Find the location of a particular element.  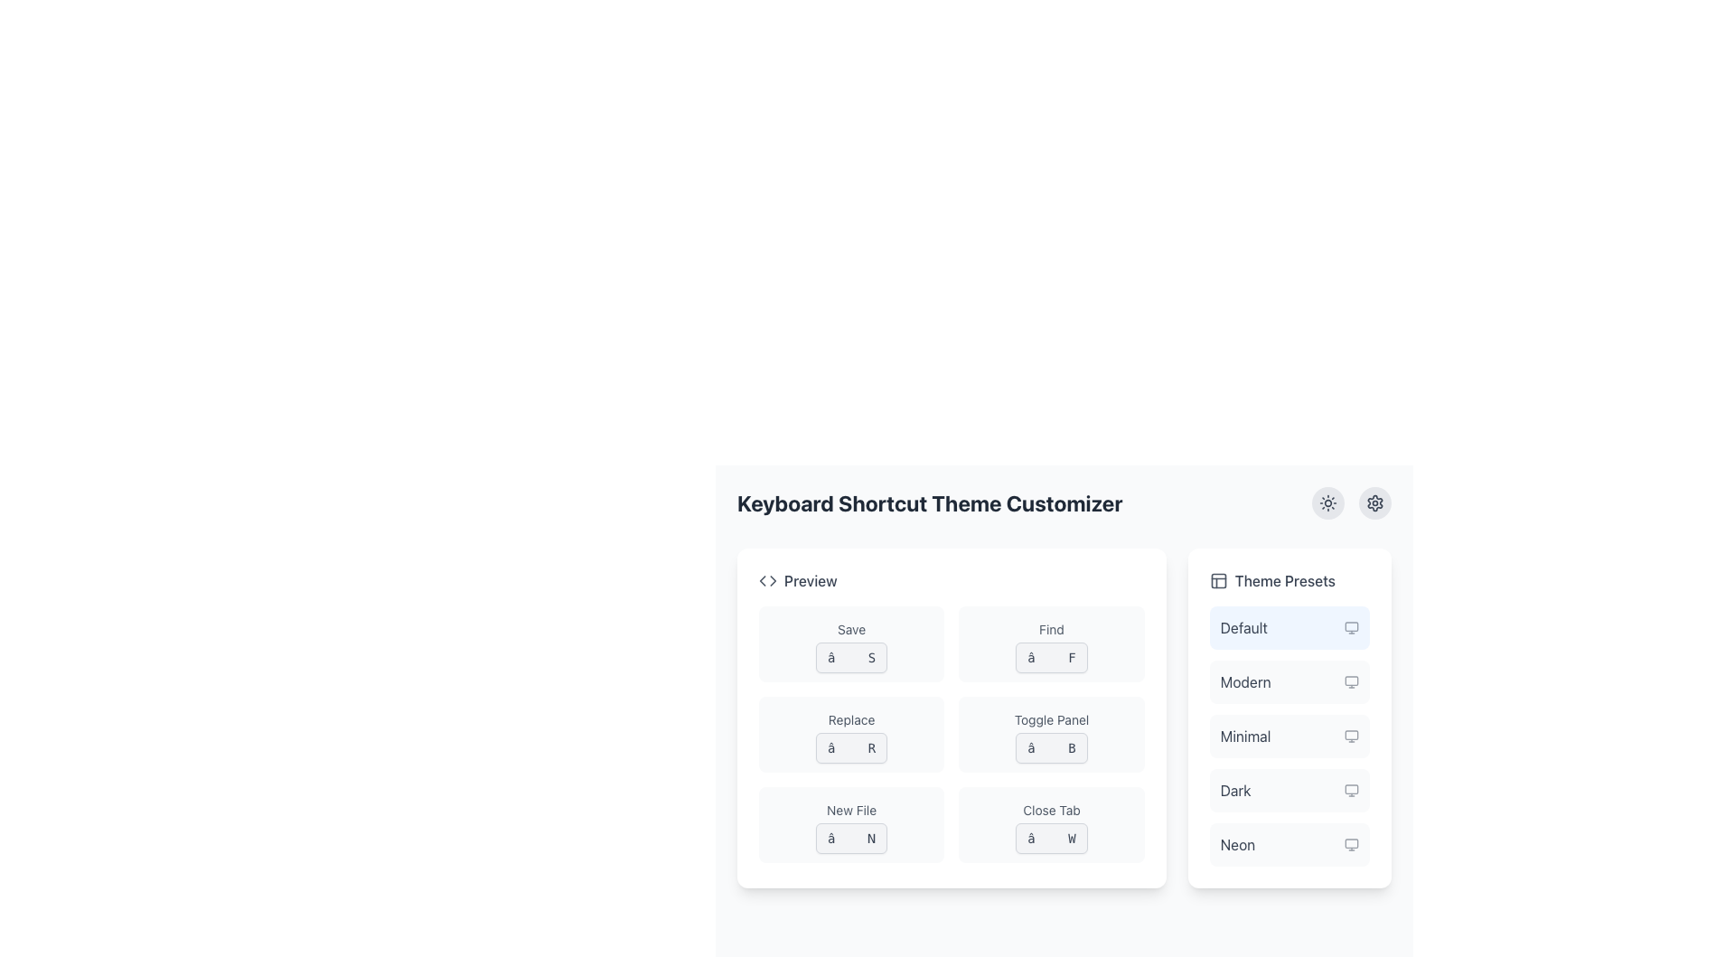

the 'Default' theme preset button located at the top of the 'Theme Presets' section on the right side of the interface is located at coordinates (1289, 626).